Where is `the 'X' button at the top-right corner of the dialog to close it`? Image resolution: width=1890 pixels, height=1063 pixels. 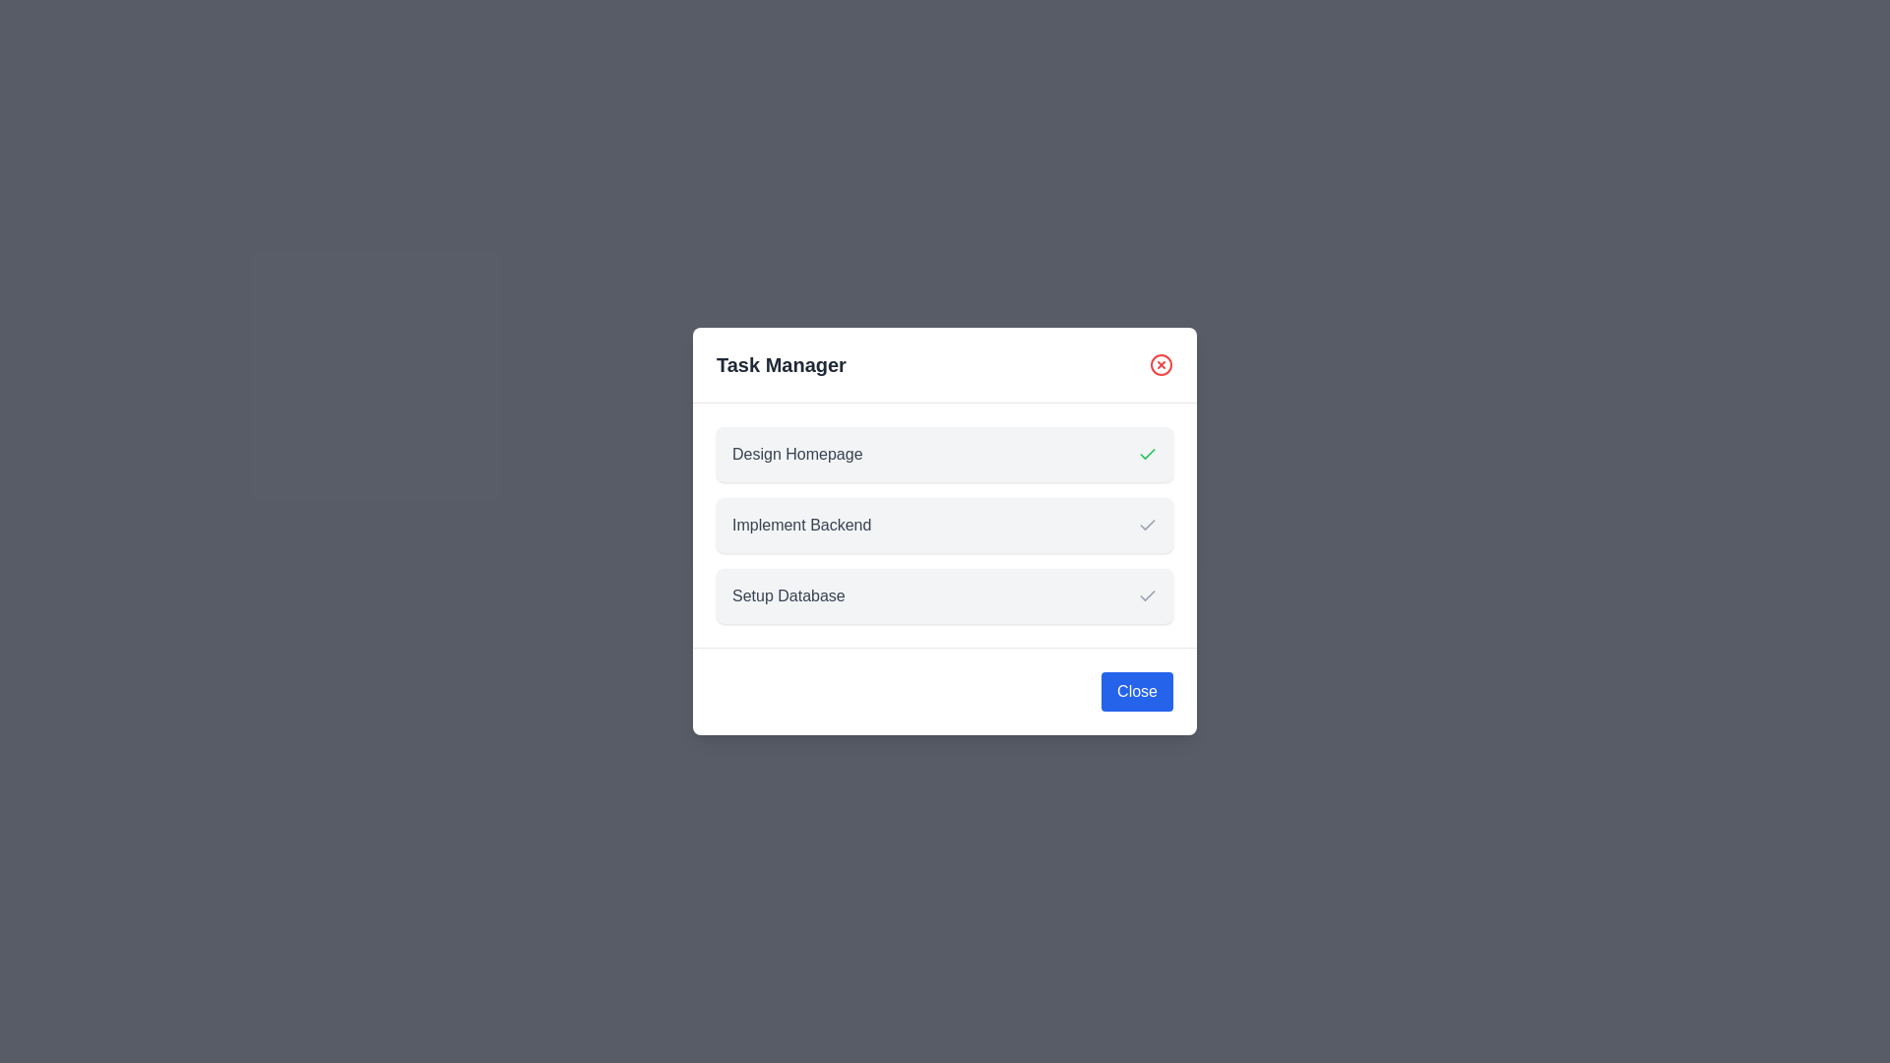
the 'X' button at the top-right corner of the dialog to close it is located at coordinates (1162, 364).